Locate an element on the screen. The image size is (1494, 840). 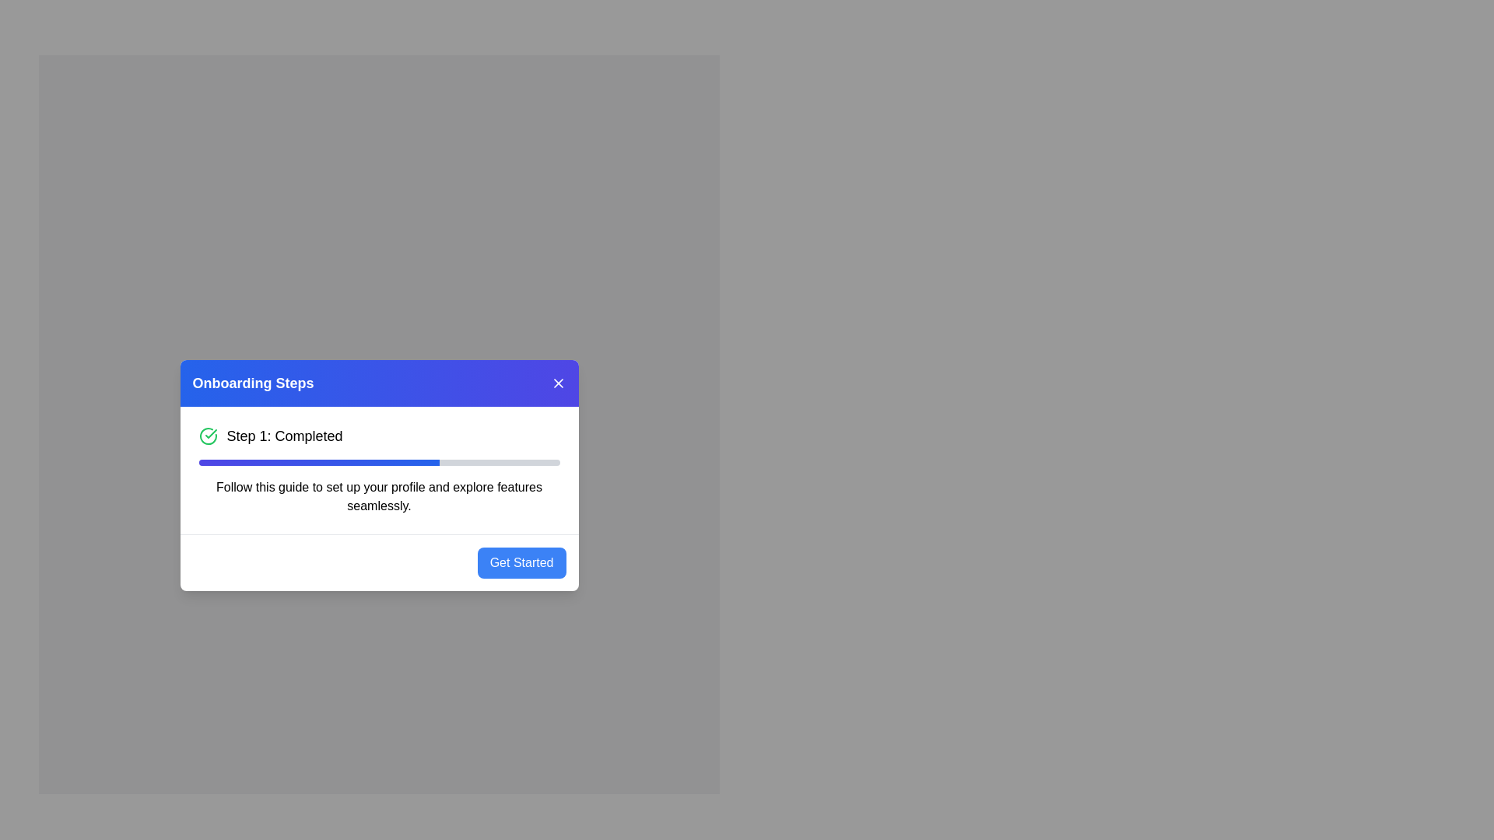
horizontal progress bar with a light gray background and indigo to blue gradient fill, located below the 'Step 1: Completed' text and above the next step description is located at coordinates (379, 461).